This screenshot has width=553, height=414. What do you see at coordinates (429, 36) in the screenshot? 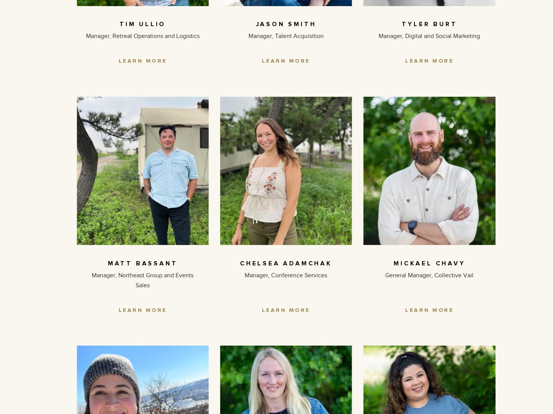
I see `'Manager, Digital and Social Marketing'` at bounding box center [429, 36].